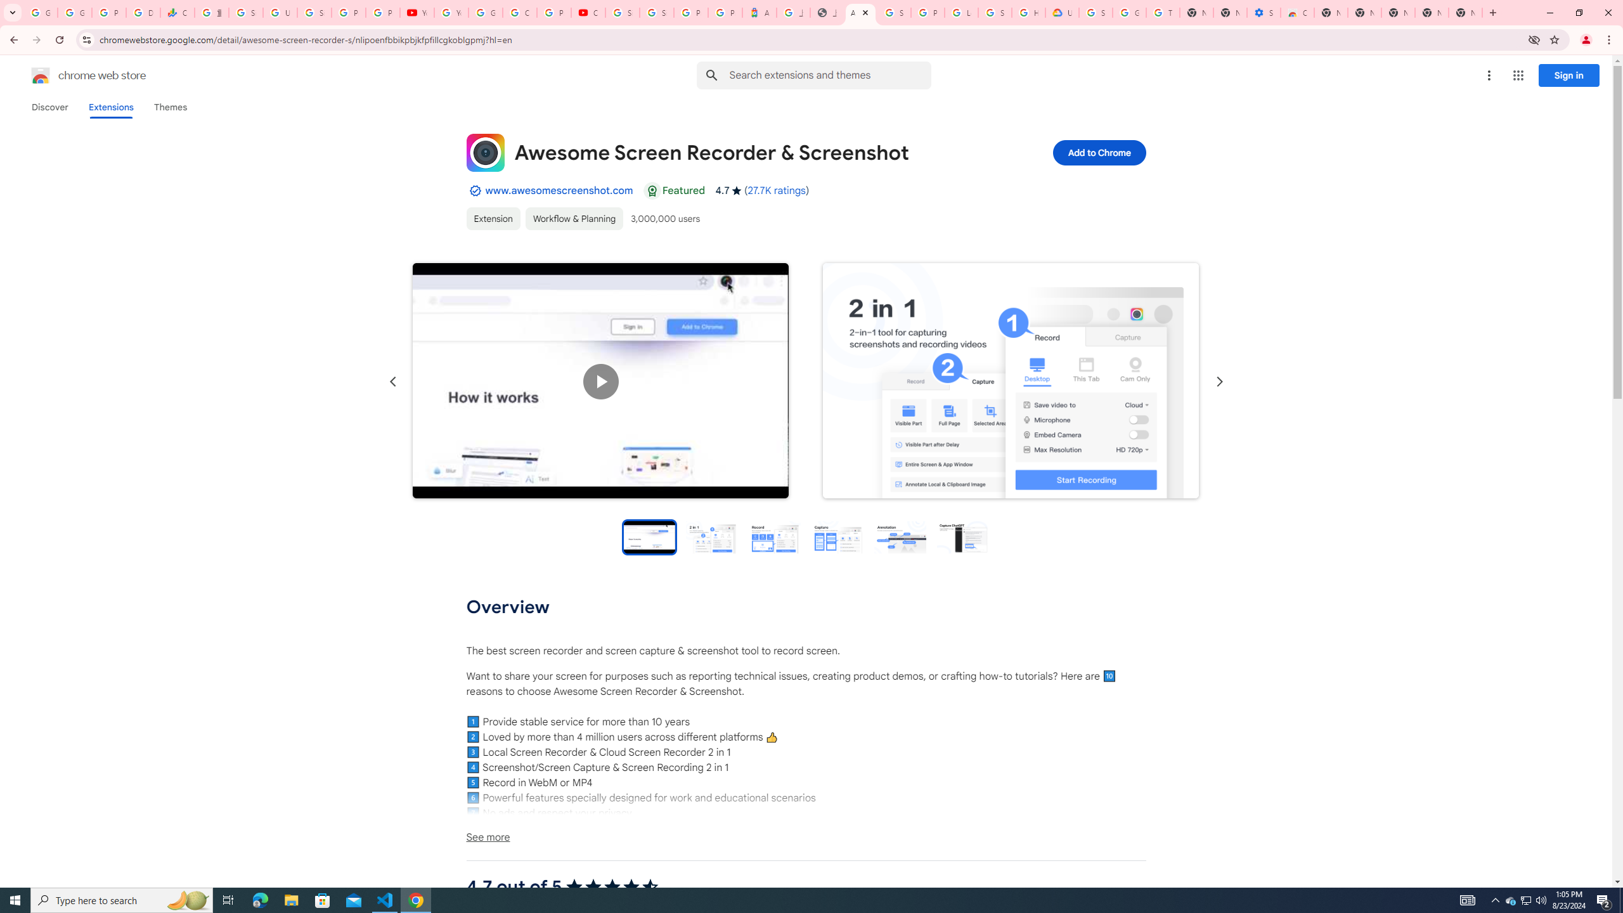  What do you see at coordinates (493, 218) in the screenshot?
I see `'Extension'` at bounding box center [493, 218].